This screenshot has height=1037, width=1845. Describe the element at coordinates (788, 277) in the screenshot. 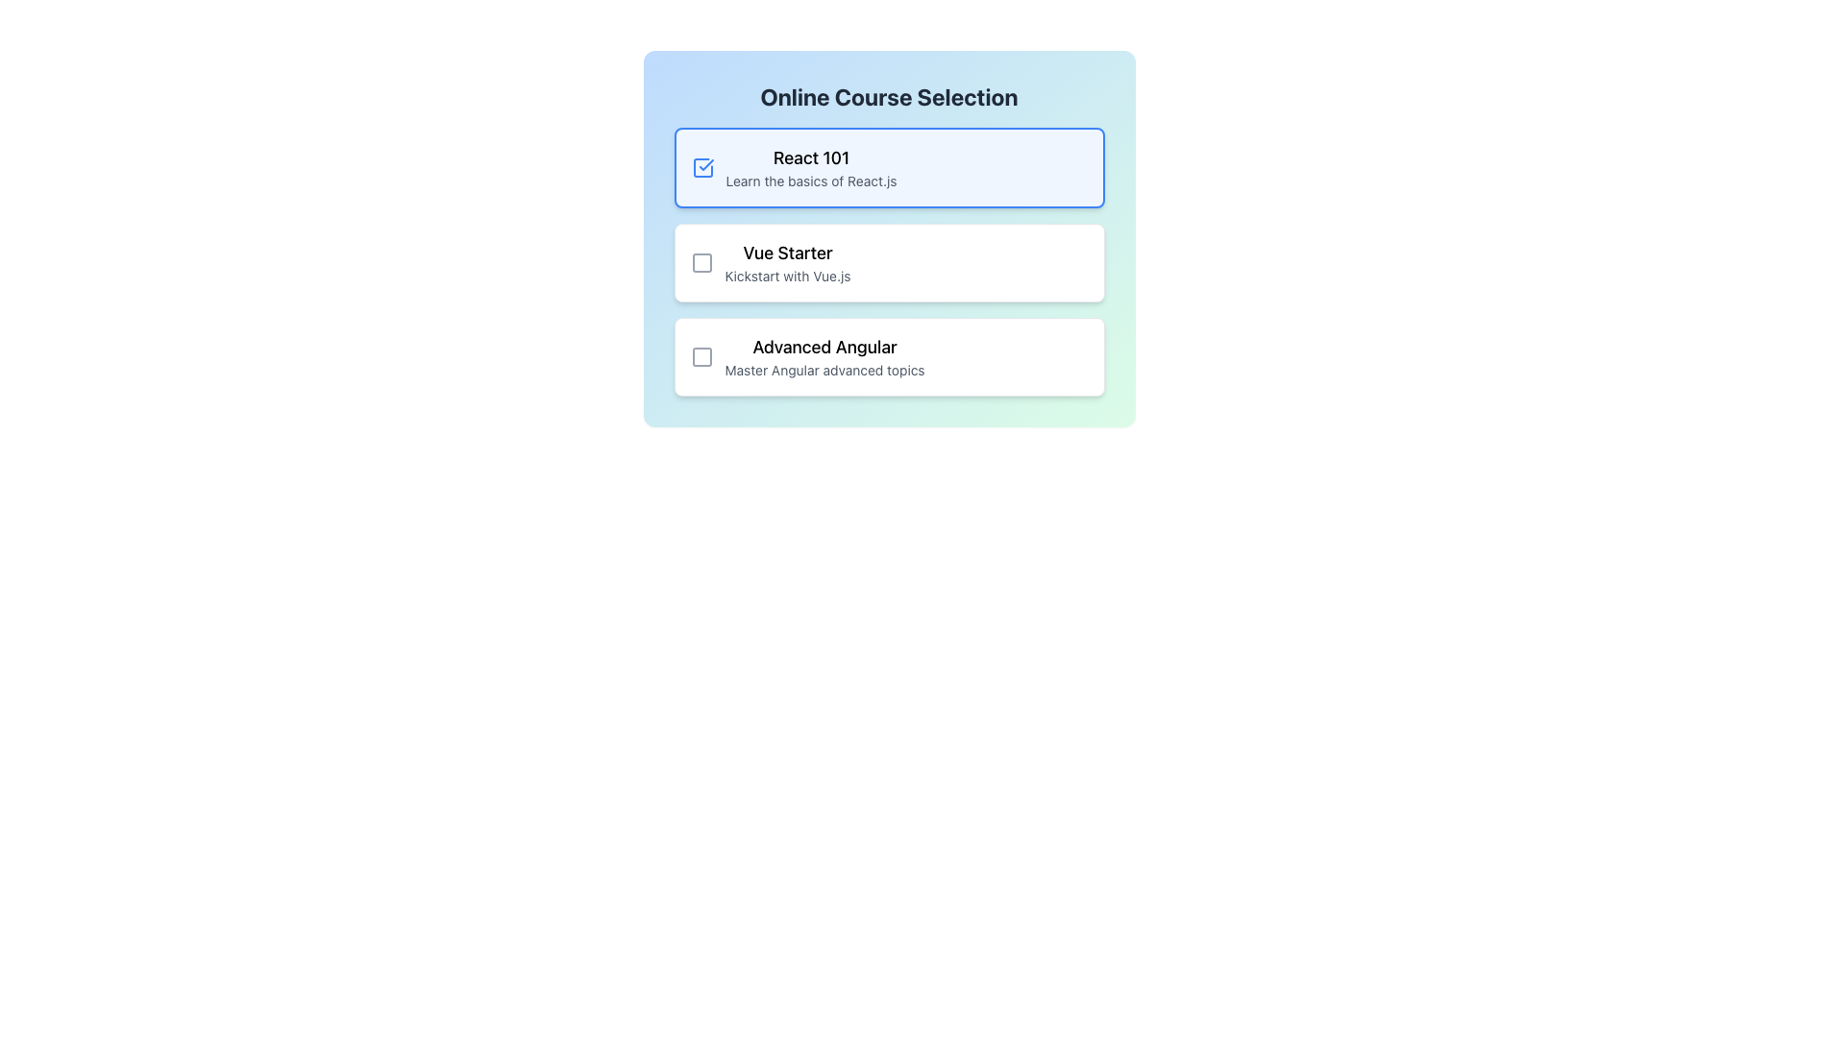

I see `text element providing a brief description for the course titled 'Vue Starter', positioned centrally below the title in the course selection list` at that location.